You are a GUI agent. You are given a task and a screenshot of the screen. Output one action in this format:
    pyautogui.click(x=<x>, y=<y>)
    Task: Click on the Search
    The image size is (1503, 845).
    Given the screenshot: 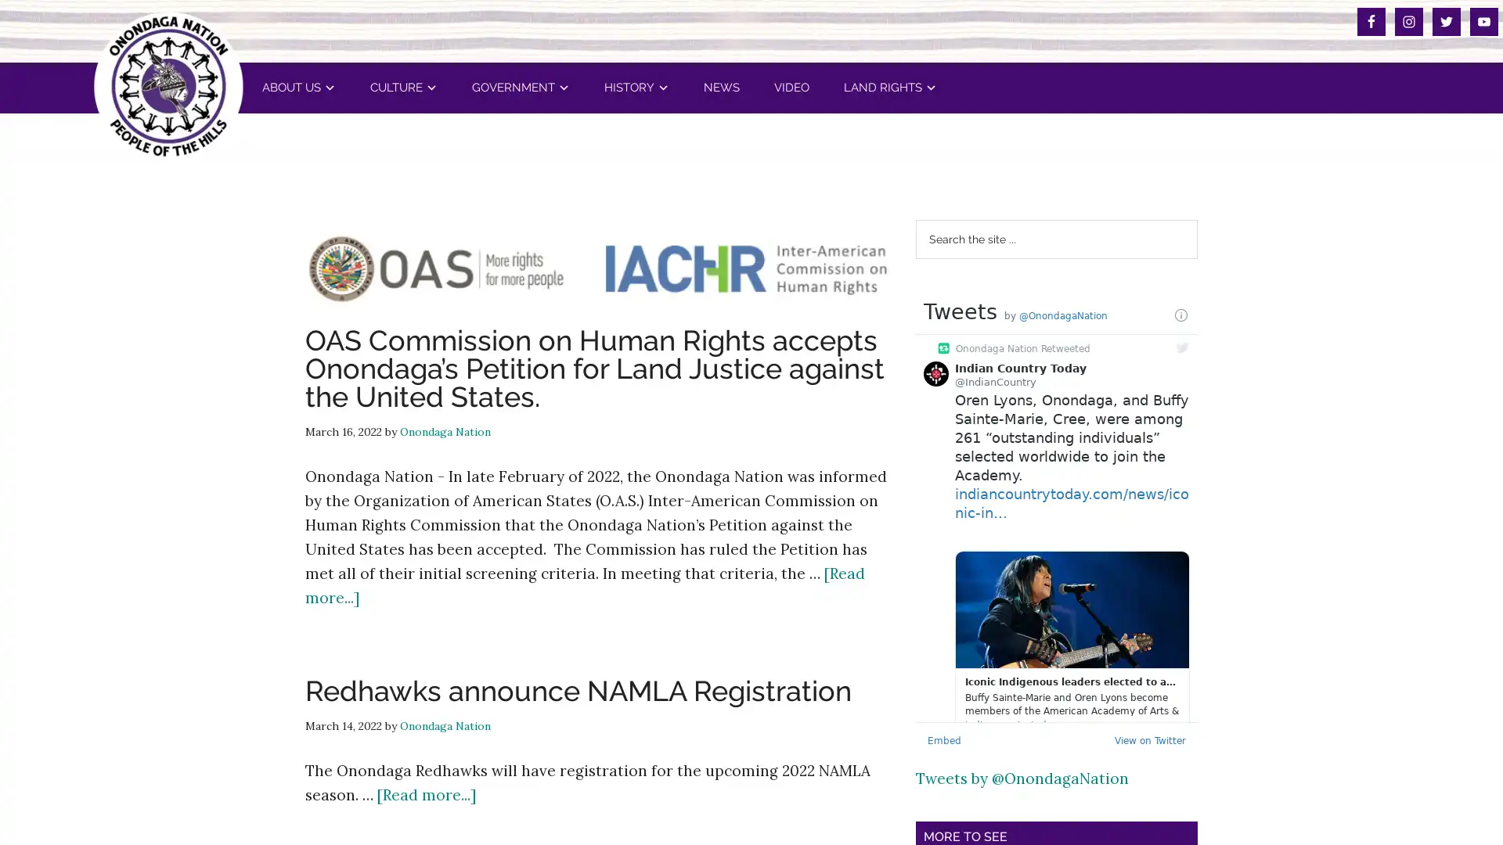 What is the action you would take?
    pyautogui.click(x=1196, y=218)
    